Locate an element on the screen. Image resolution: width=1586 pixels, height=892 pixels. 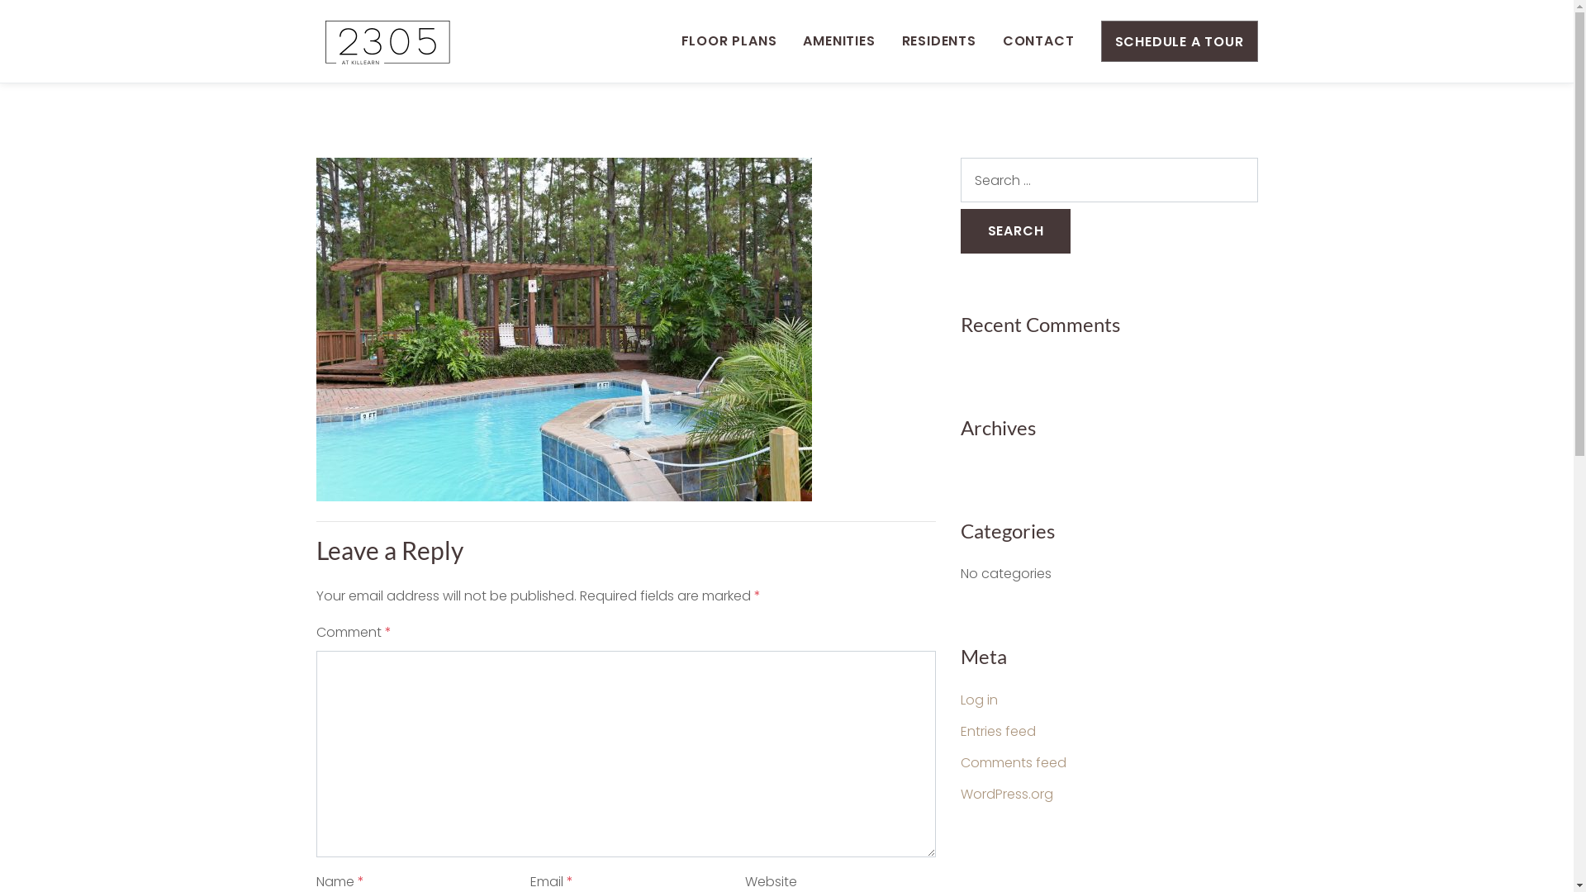
'WordPress.org' is located at coordinates (1005, 793).